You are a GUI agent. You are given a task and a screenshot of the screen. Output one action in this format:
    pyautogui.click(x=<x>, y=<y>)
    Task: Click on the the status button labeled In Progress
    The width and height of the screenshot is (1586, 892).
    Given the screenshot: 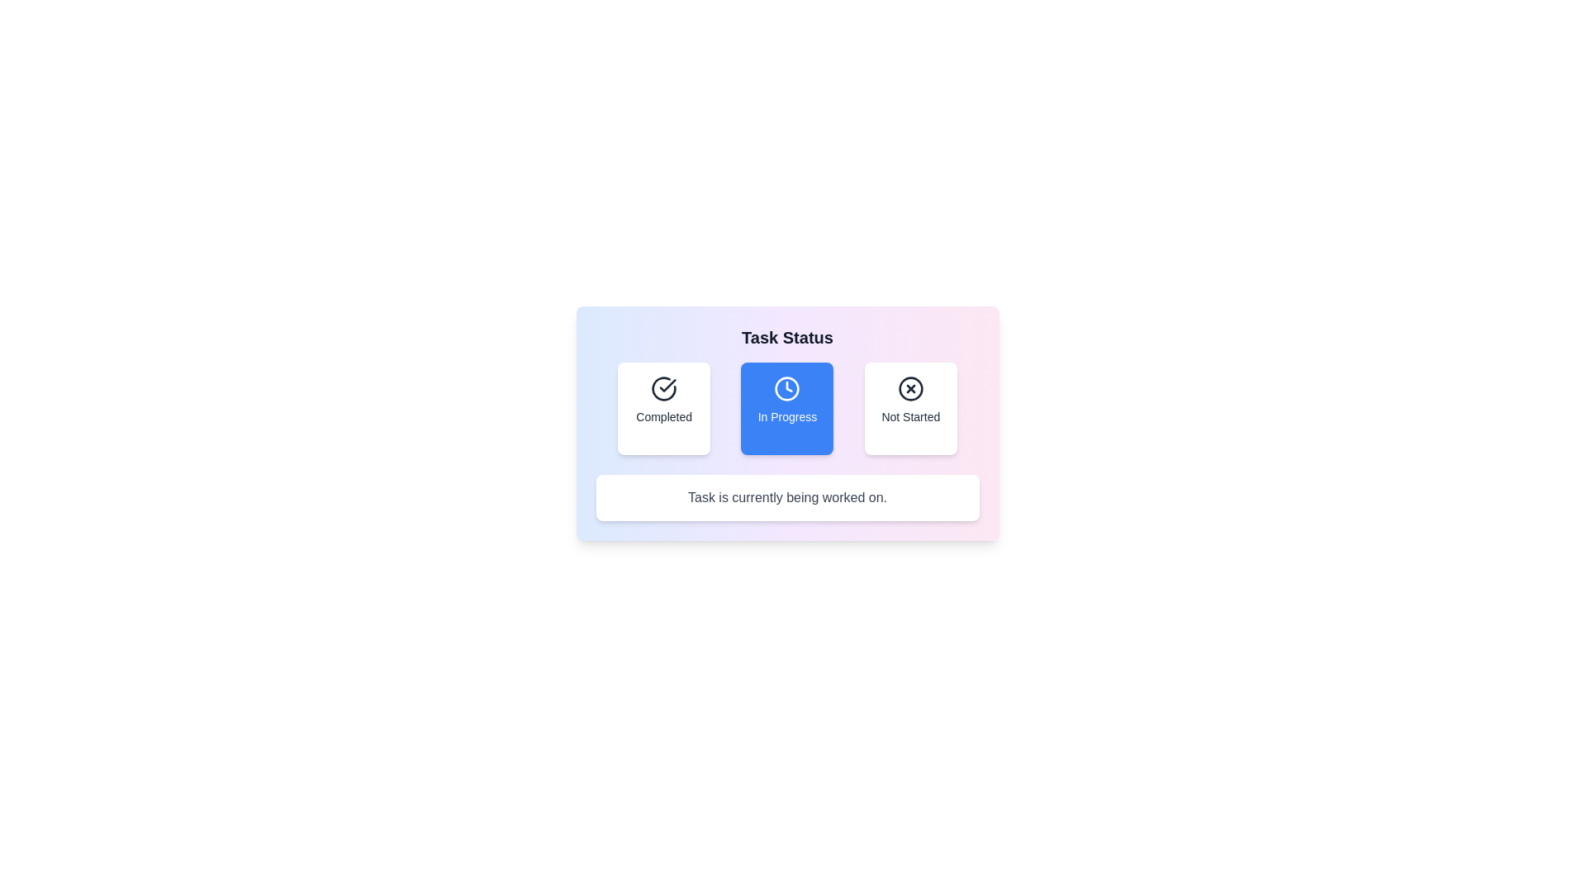 What is the action you would take?
    pyautogui.click(x=786, y=408)
    